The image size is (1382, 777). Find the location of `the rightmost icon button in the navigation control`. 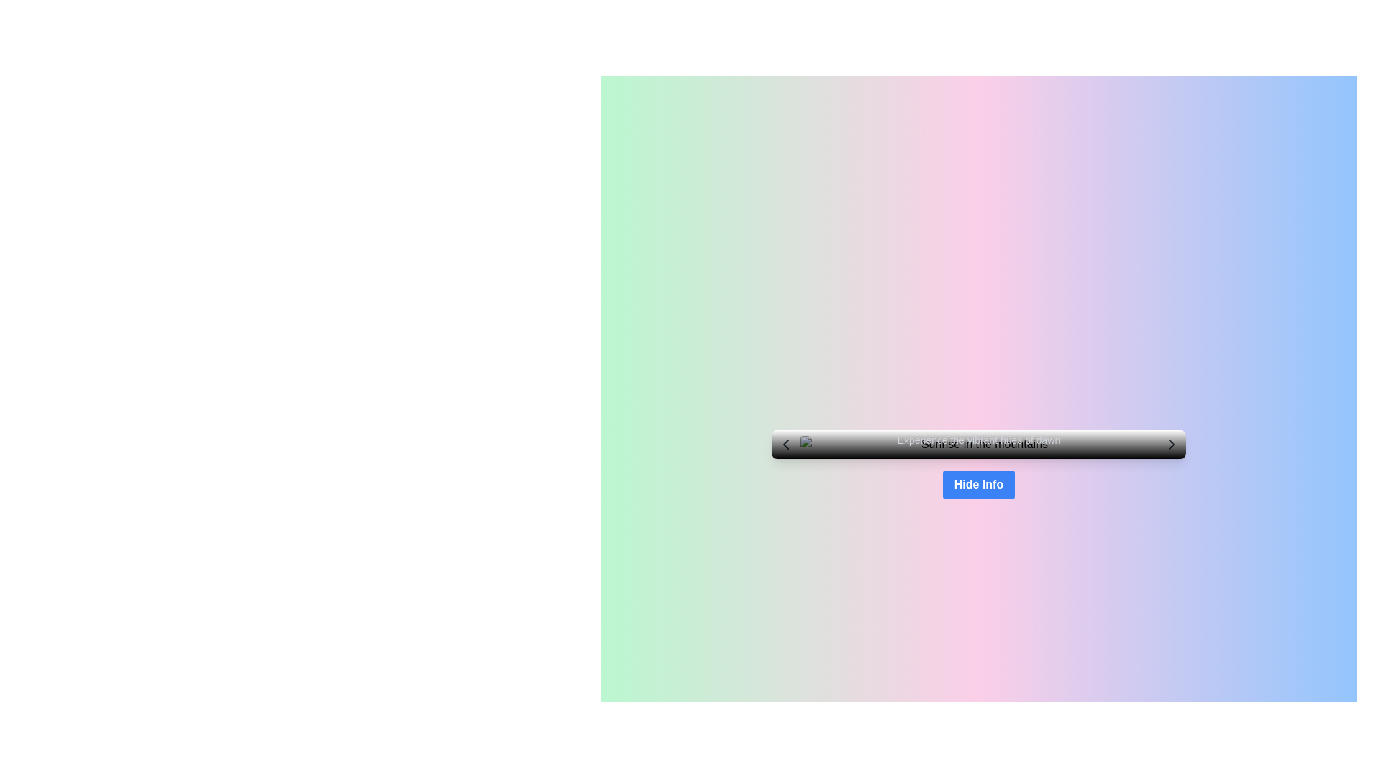

the rightmost icon button in the navigation control is located at coordinates (1171, 443).